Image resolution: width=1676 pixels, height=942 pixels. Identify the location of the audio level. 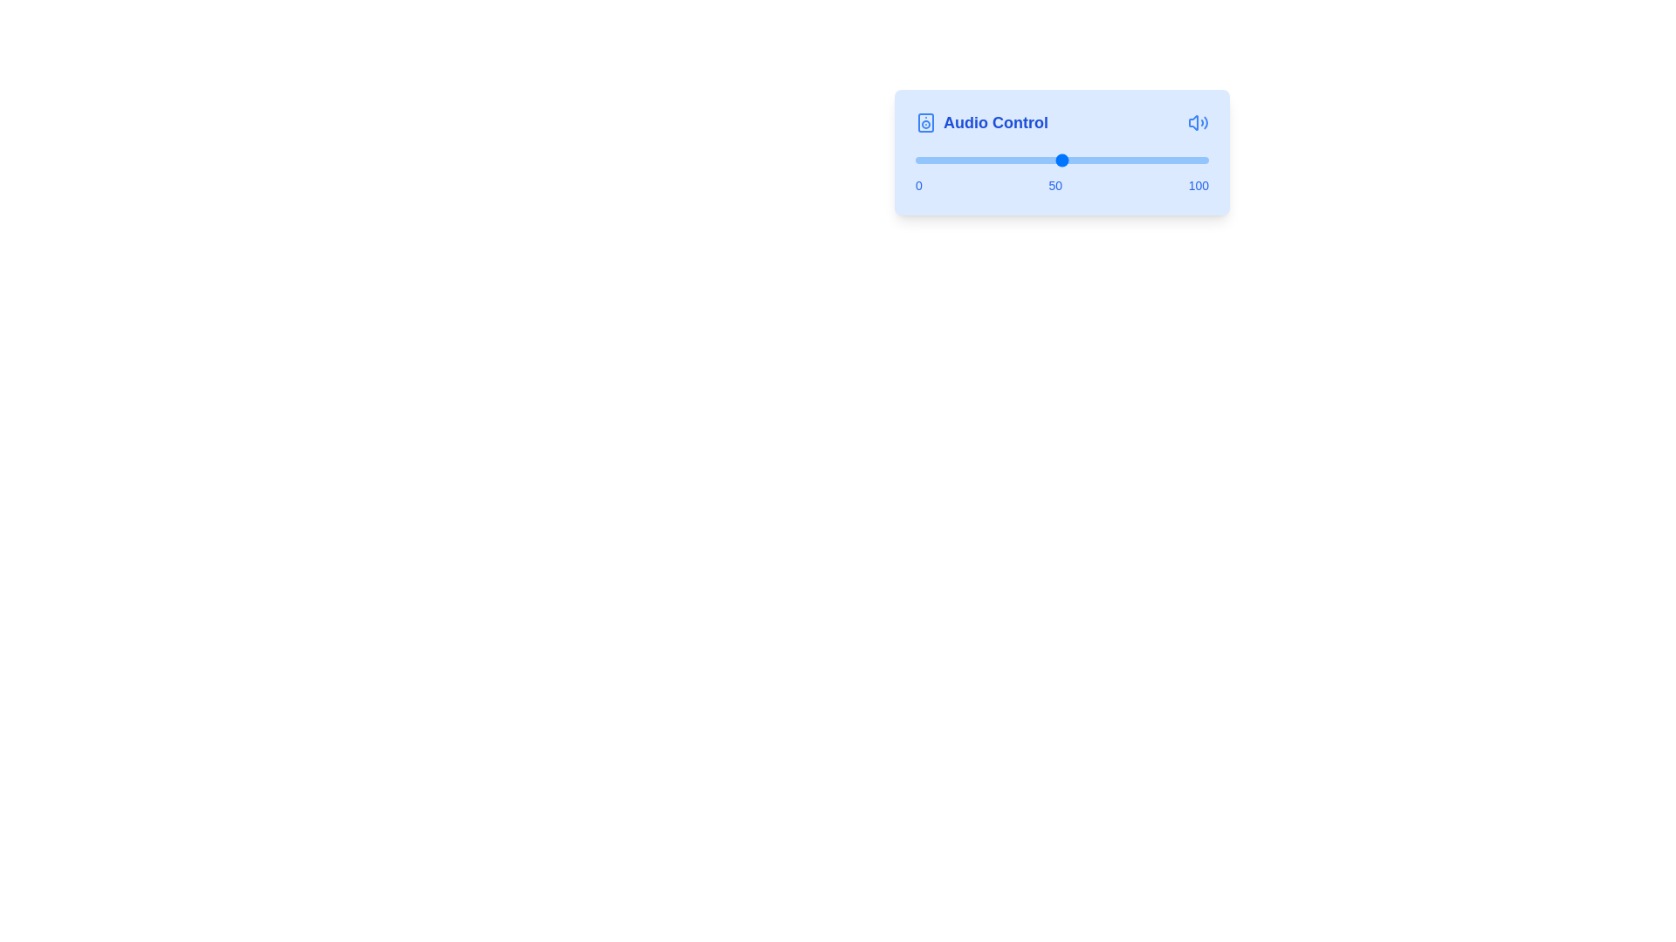
(1164, 160).